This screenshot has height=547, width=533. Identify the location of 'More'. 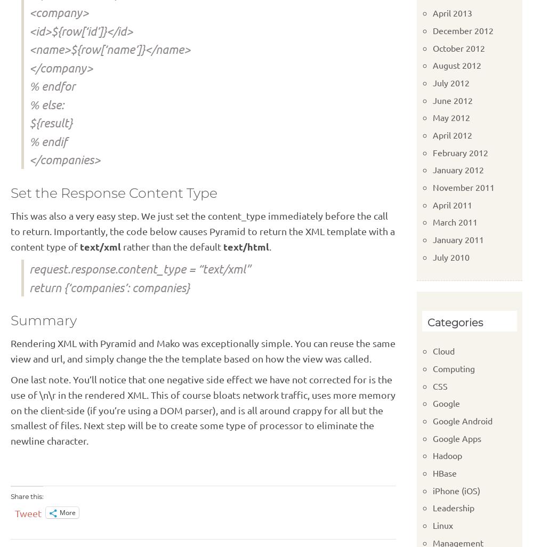
(68, 512).